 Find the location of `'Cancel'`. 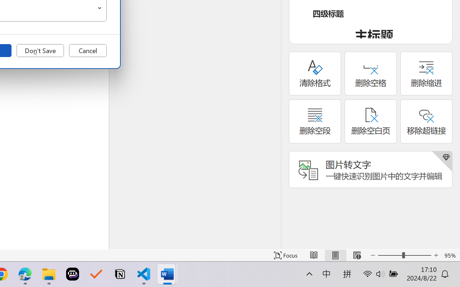

'Cancel' is located at coordinates (87, 51).